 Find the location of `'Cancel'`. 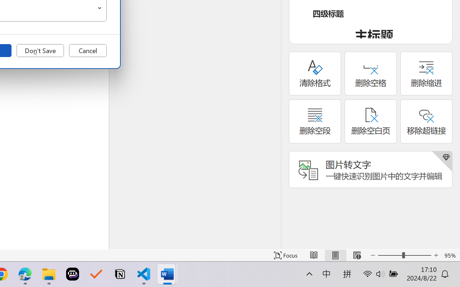

'Cancel' is located at coordinates (87, 51).